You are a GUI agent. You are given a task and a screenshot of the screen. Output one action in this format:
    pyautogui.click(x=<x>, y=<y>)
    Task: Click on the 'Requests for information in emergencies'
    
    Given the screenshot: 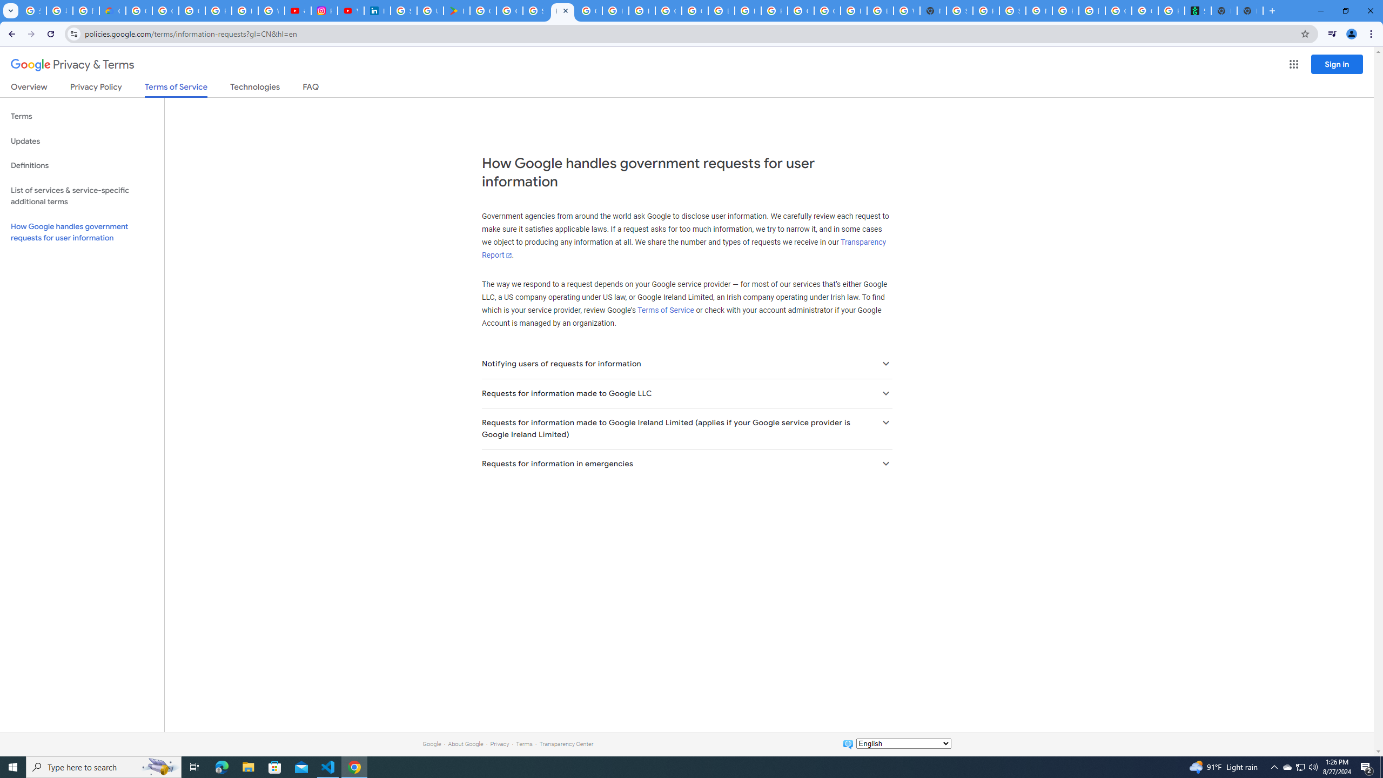 What is the action you would take?
    pyautogui.click(x=687, y=463)
    